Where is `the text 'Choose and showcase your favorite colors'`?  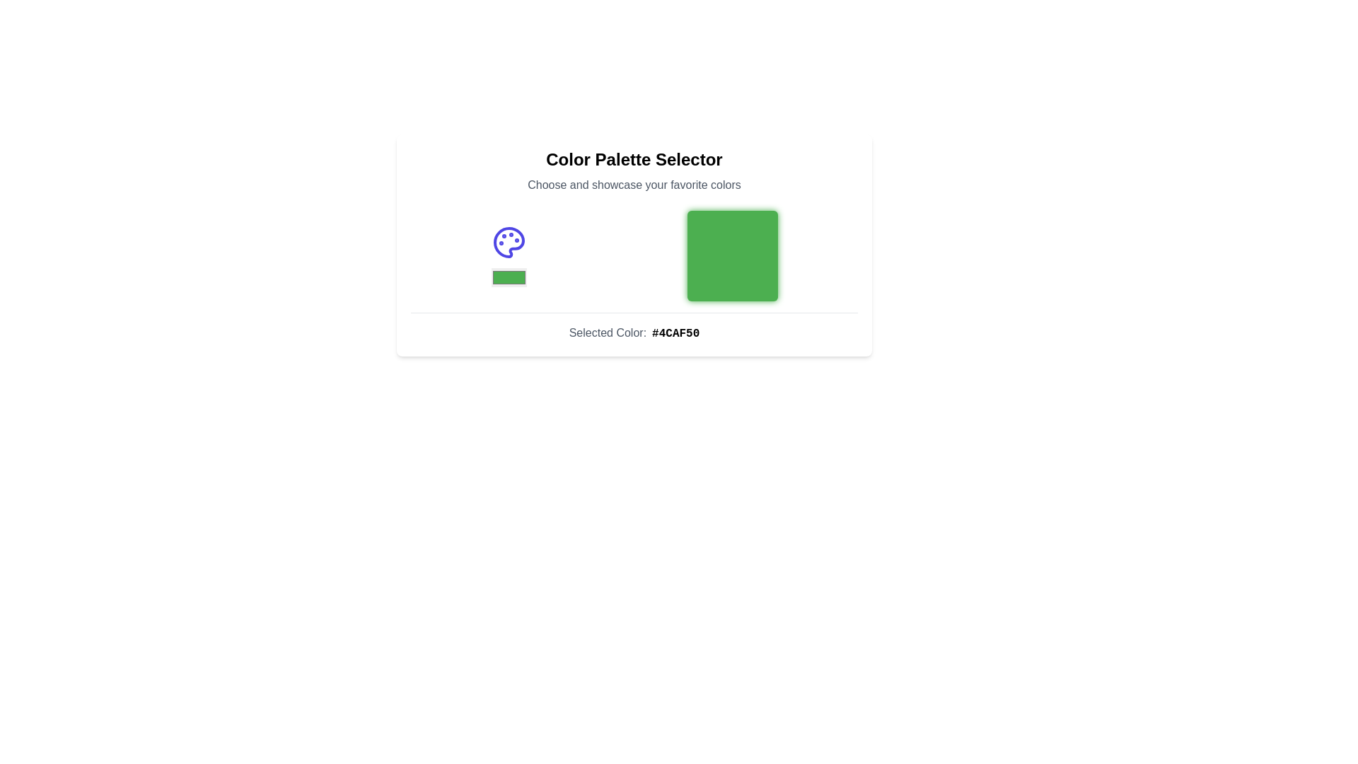 the text 'Choose and showcase your favorite colors' is located at coordinates (634, 185).